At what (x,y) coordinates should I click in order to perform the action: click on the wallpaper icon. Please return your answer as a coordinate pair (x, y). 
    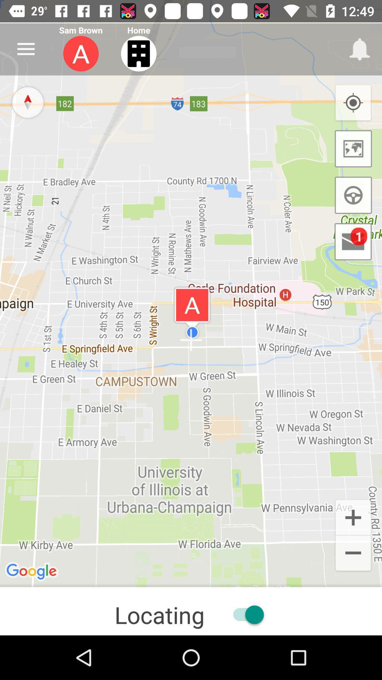
    Looking at the image, I should click on (353, 148).